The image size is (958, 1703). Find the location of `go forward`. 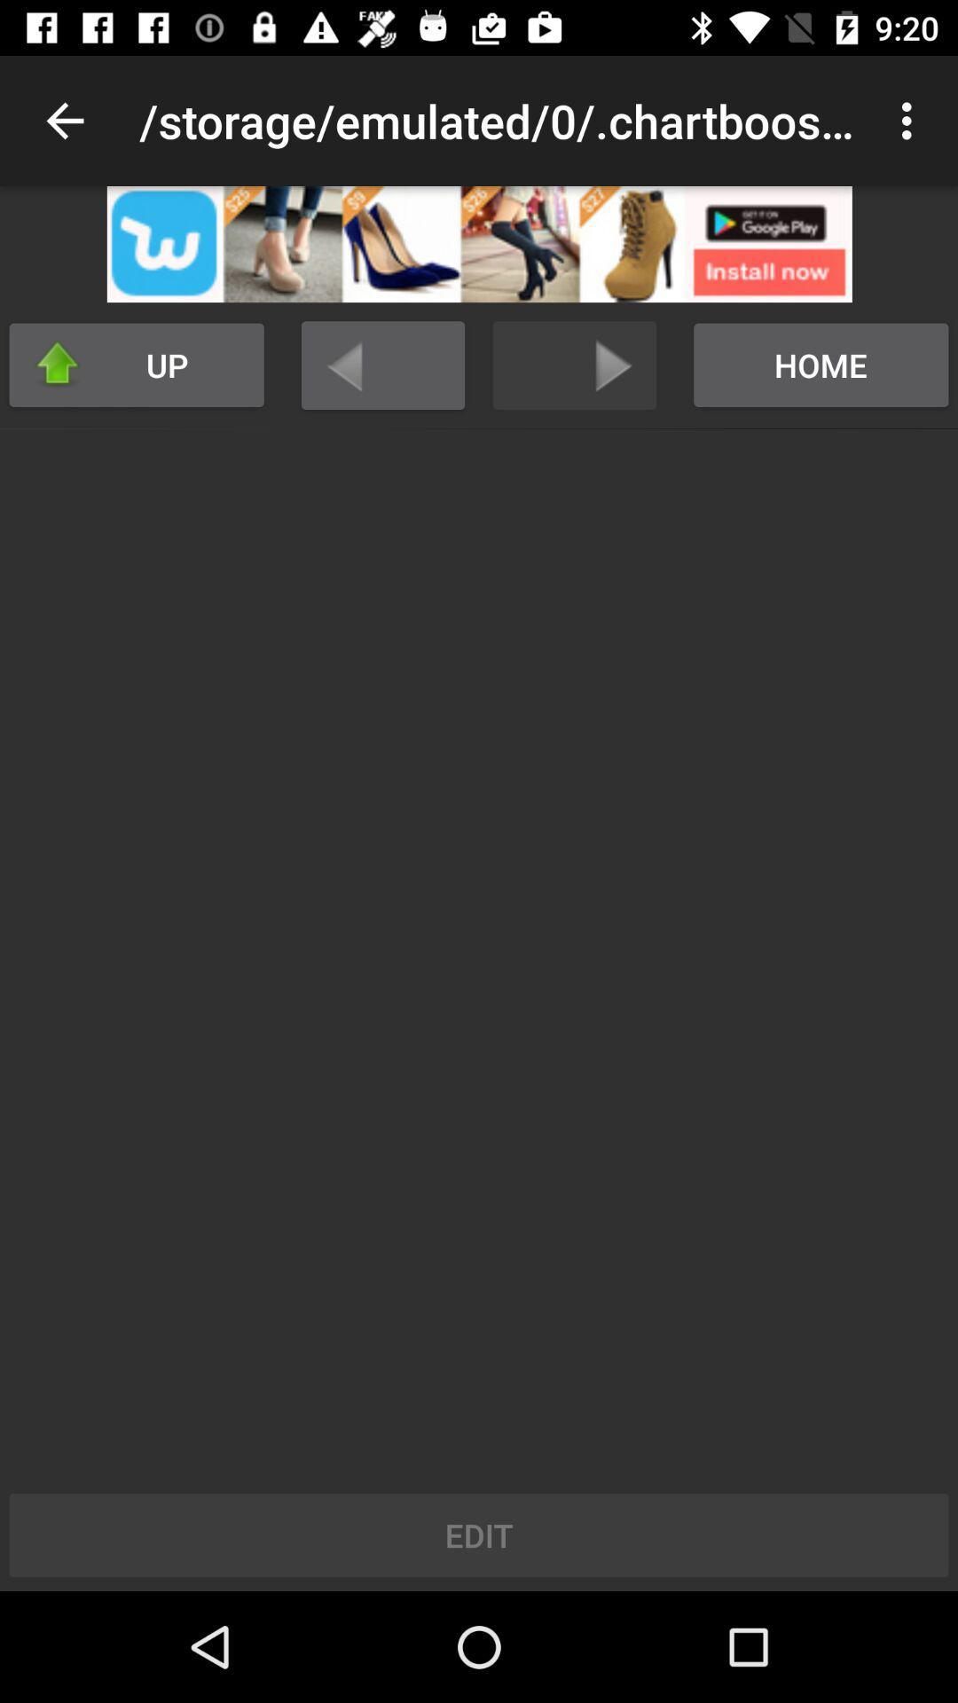

go forward is located at coordinates (575, 365).